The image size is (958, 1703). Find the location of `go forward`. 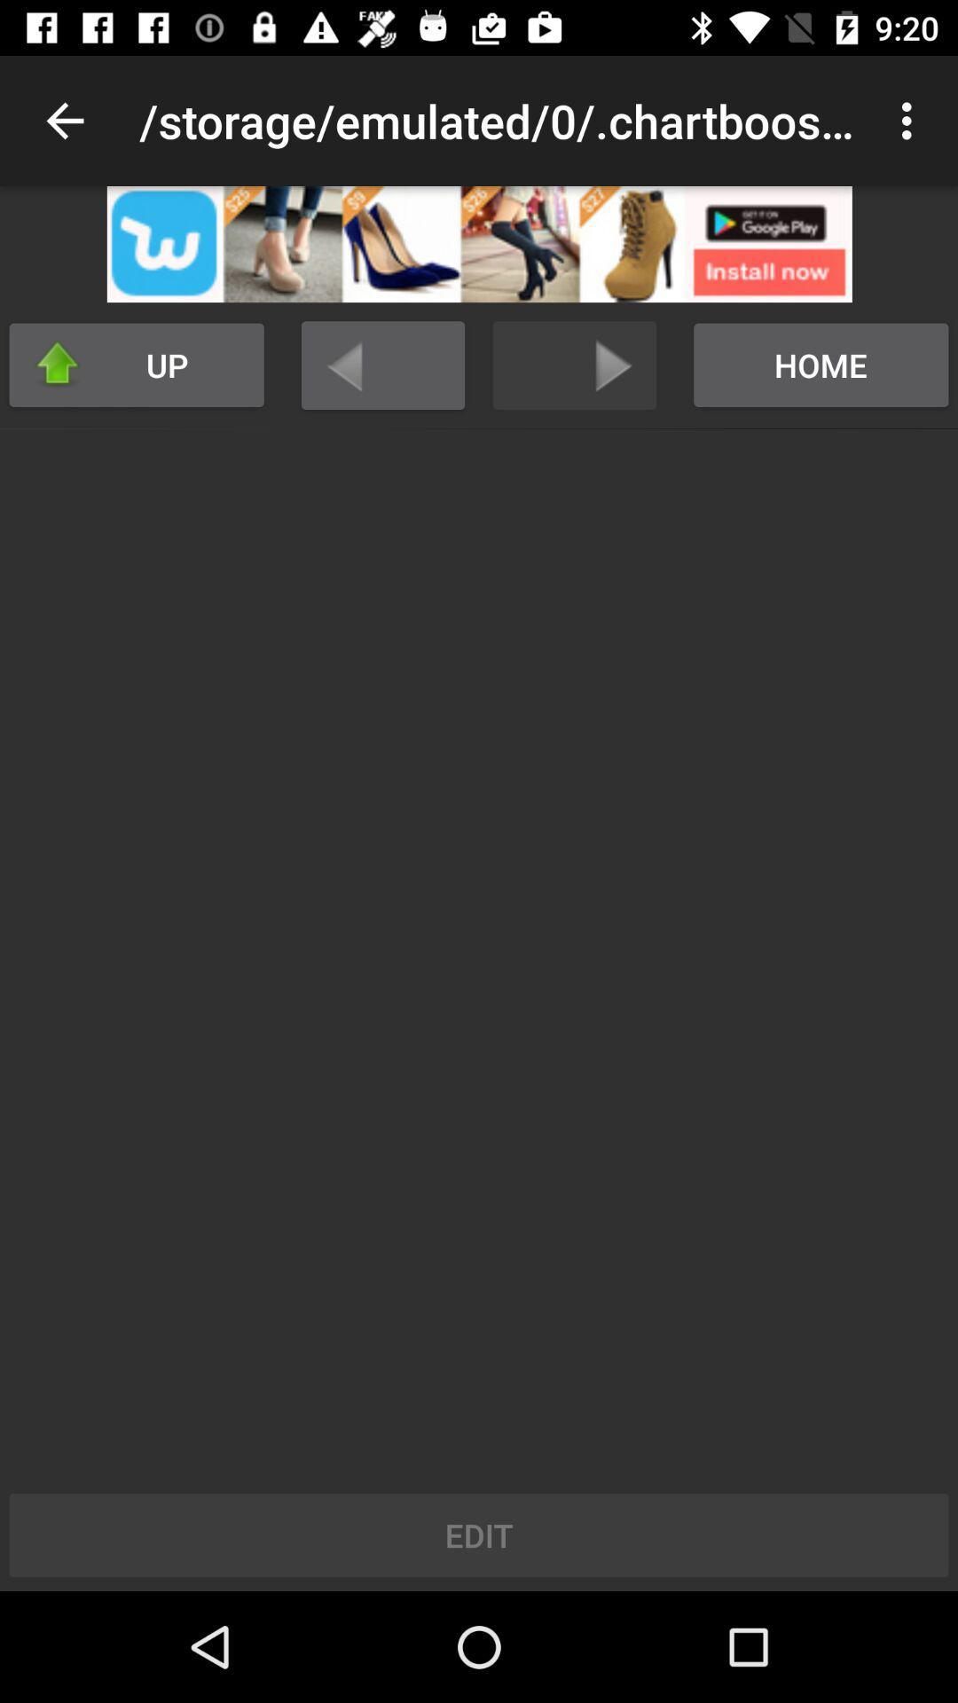

go forward is located at coordinates (575, 365).